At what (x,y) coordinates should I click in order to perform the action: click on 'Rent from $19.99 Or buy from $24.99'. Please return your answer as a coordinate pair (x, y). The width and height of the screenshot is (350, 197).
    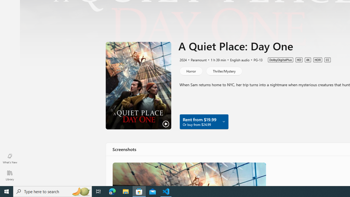
    Looking at the image, I should click on (203, 121).